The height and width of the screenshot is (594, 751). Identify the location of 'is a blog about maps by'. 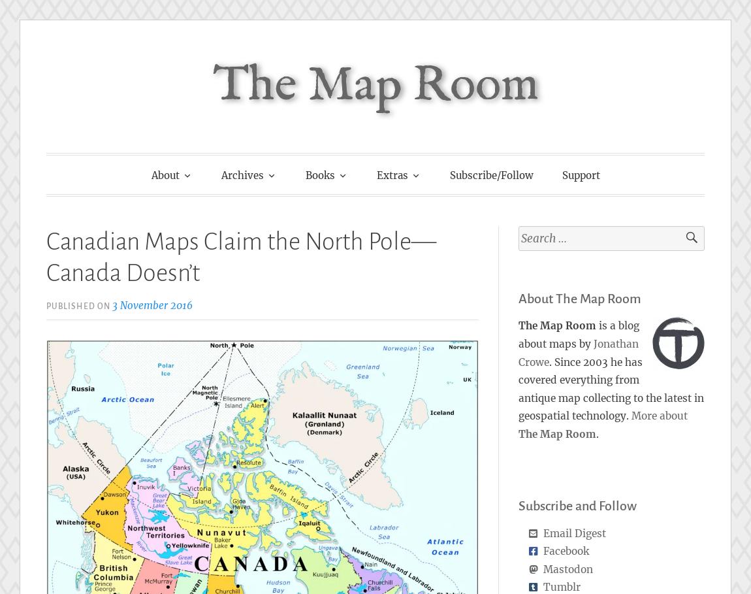
(517, 334).